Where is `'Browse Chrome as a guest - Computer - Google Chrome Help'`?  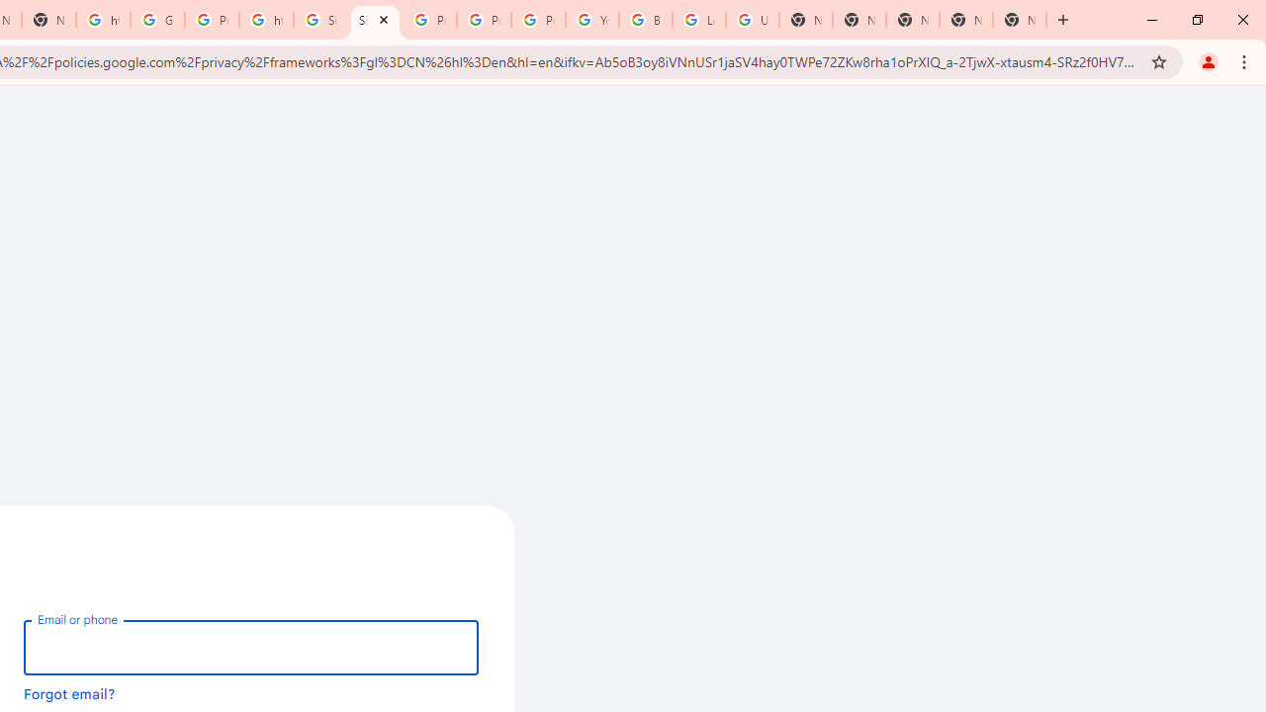
'Browse Chrome as a guest - Computer - Google Chrome Help' is located at coordinates (645, 20).